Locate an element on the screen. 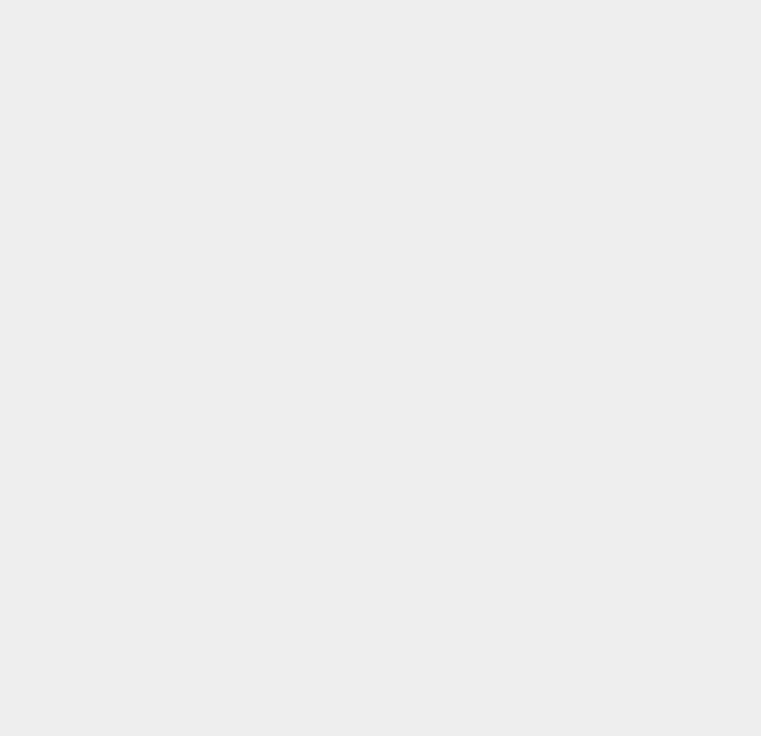 This screenshot has width=761, height=736. 'Mobile App Developers' is located at coordinates (585, 330).